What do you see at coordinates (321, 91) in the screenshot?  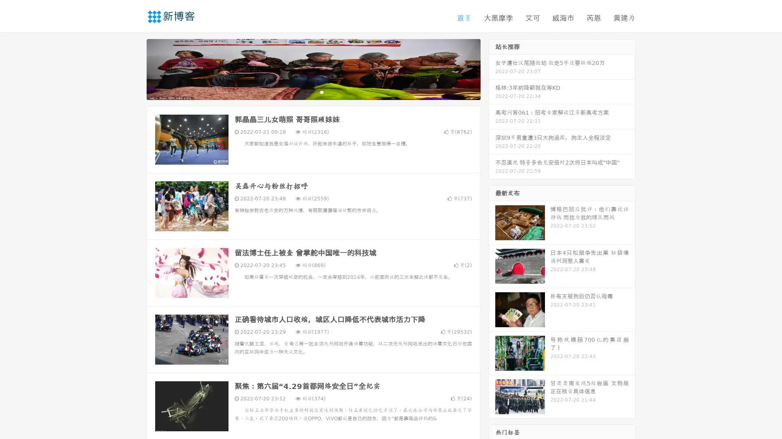 I see `Go to slide 3` at bounding box center [321, 91].